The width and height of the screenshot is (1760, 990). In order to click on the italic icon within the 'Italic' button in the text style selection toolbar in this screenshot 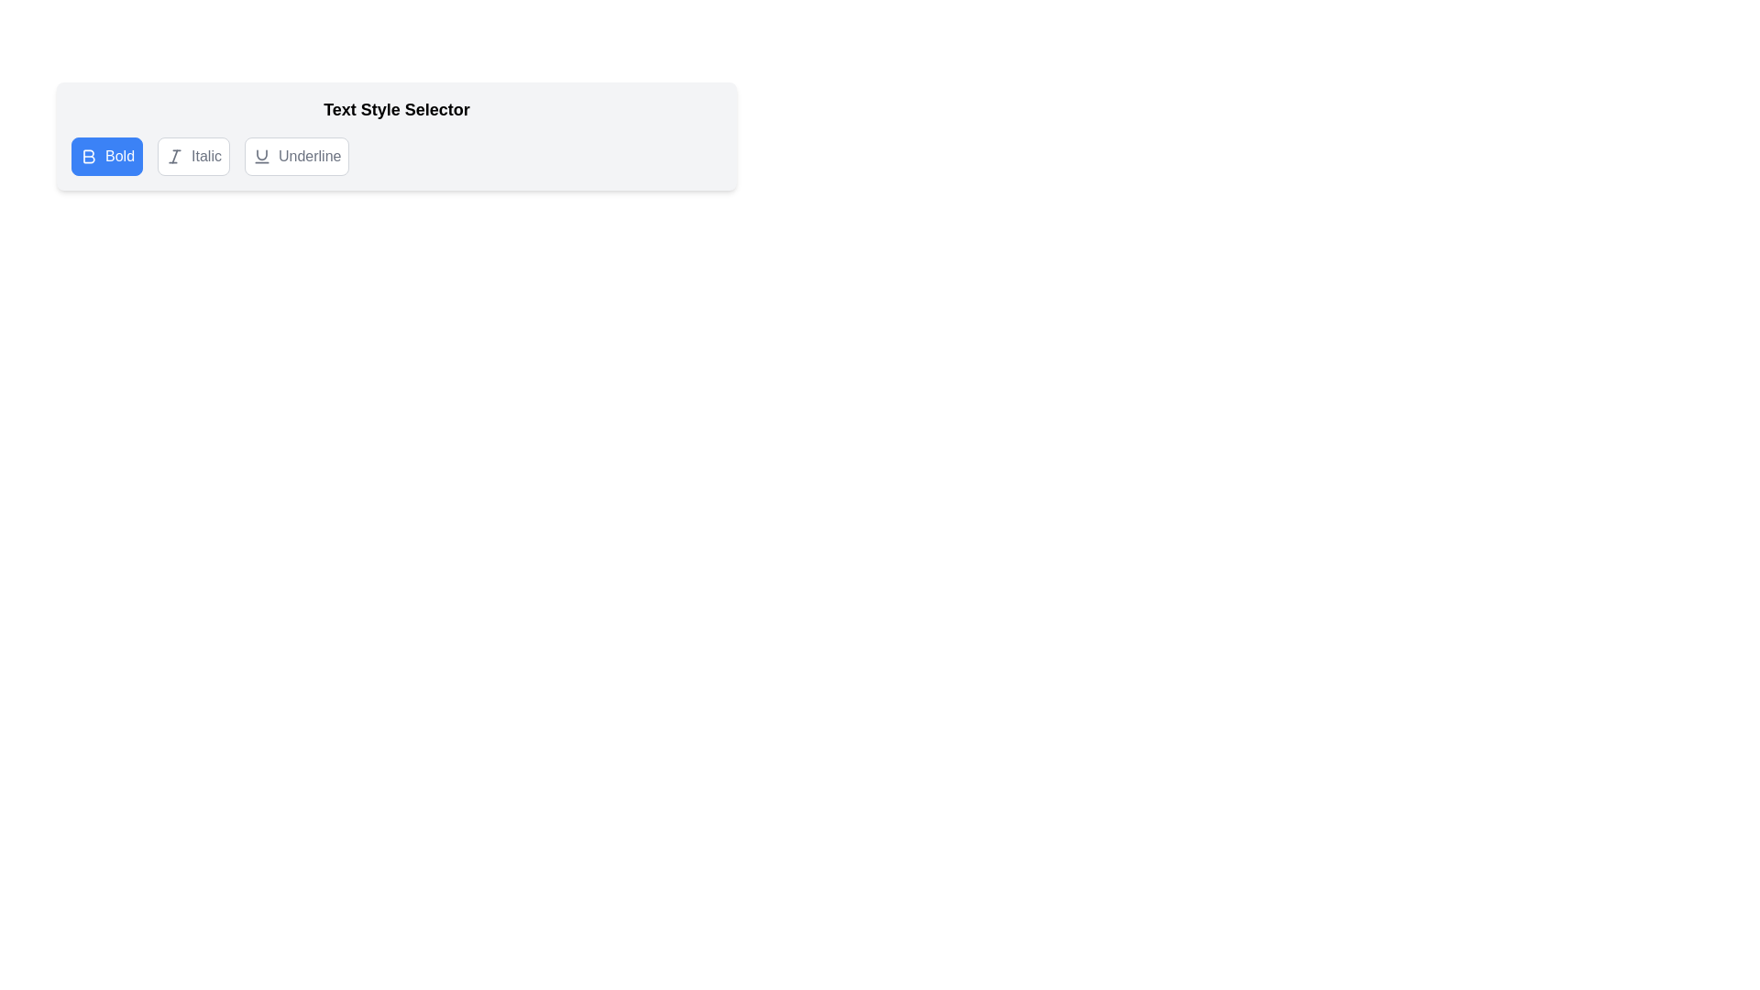, I will do `click(175, 155)`.